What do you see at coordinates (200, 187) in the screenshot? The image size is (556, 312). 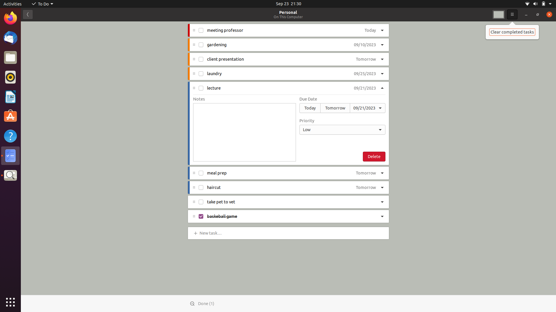 I see `Mark "haircut" task as completed` at bounding box center [200, 187].